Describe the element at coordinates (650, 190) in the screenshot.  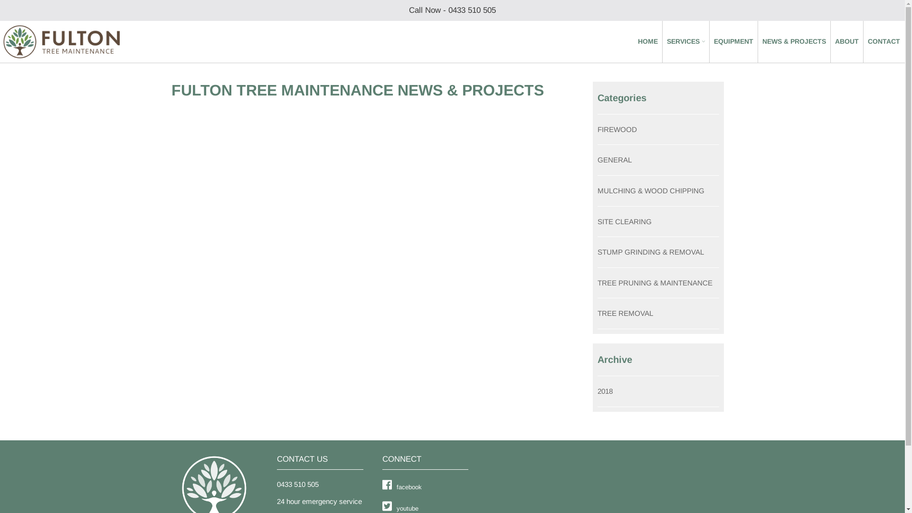
I see `'MULCHING & WOOD CHIPPING'` at that location.